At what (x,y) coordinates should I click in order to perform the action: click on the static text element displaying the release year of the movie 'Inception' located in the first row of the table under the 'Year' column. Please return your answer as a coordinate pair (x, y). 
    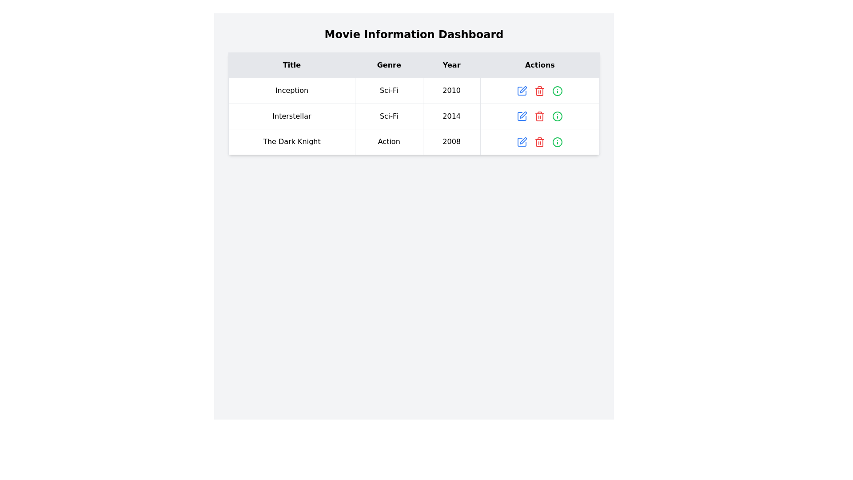
    Looking at the image, I should click on (451, 91).